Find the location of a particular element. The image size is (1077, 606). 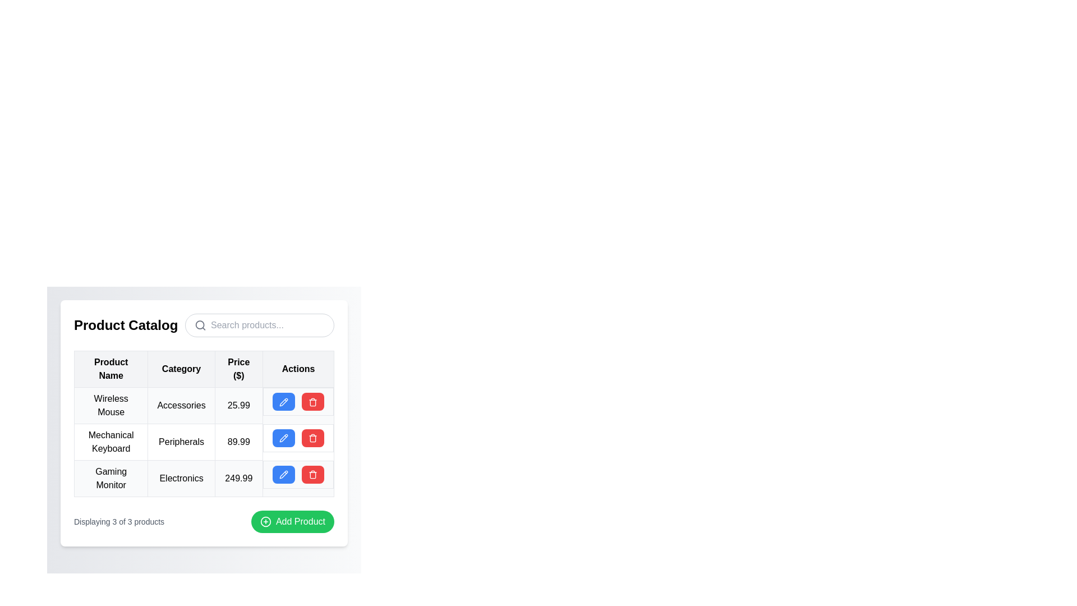

the static text displaying '25.99' in the 'Price ($)' column of the product table, which is aligned with the 'Wireless Mouse' and 'Accessories' is located at coordinates (238, 405).